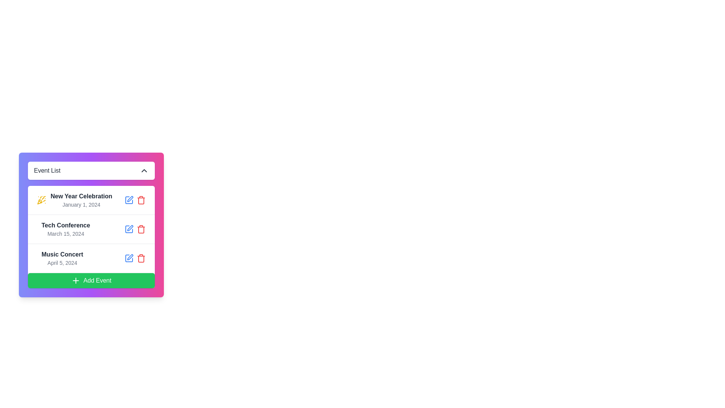 This screenshot has height=408, width=725. What do you see at coordinates (91, 199) in the screenshot?
I see `the first event entry card in the event list to trigger highlight effects` at bounding box center [91, 199].